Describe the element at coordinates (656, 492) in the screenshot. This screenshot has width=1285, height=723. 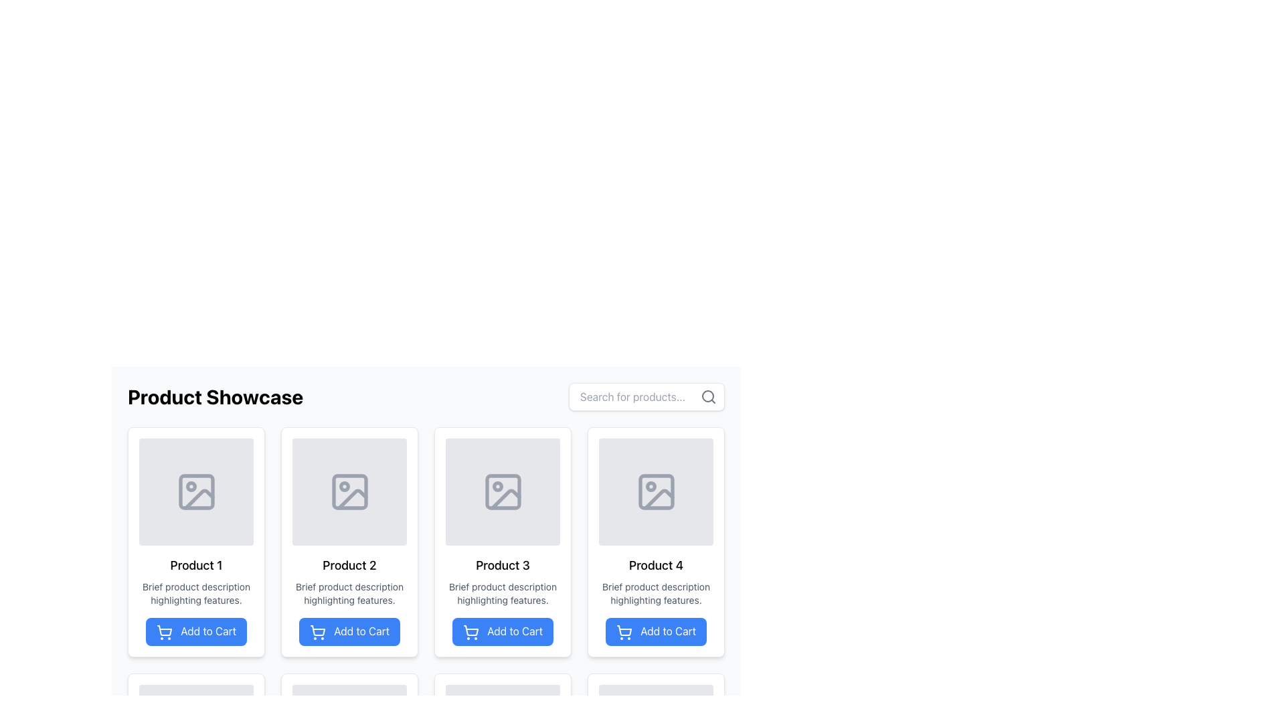
I see `the image icon representing 'Product 4' in the product showcase interface, which is located in the upper section of the card above the product title` at that location.